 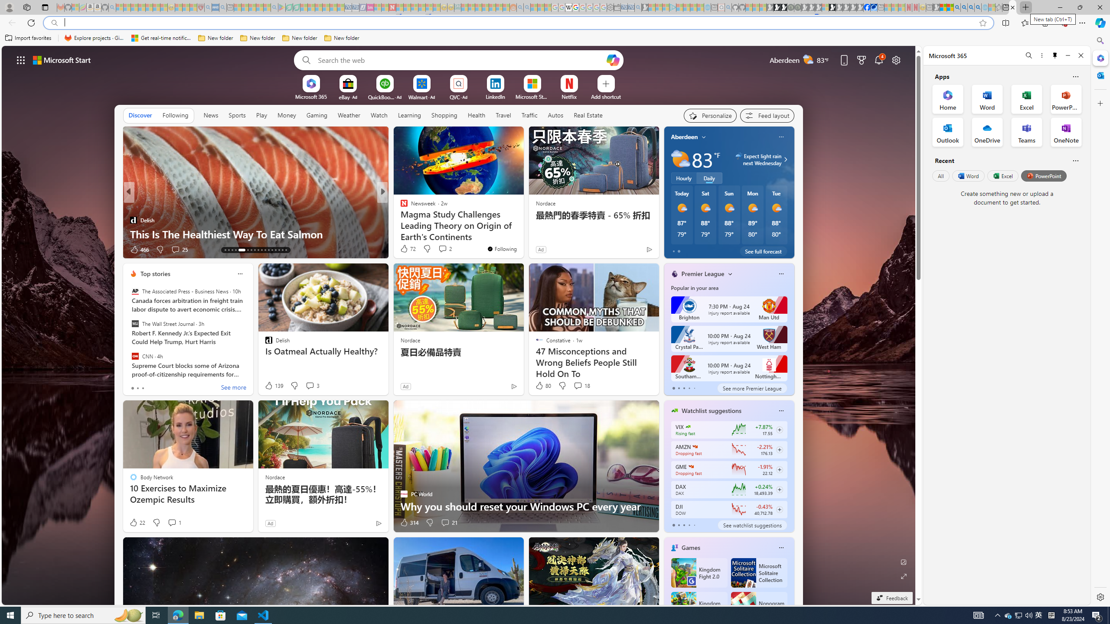 What do you see at coordinates (1043, 175) in the screenshot?
I see `'PowerPoint'` at bounding box center [1043, 175].